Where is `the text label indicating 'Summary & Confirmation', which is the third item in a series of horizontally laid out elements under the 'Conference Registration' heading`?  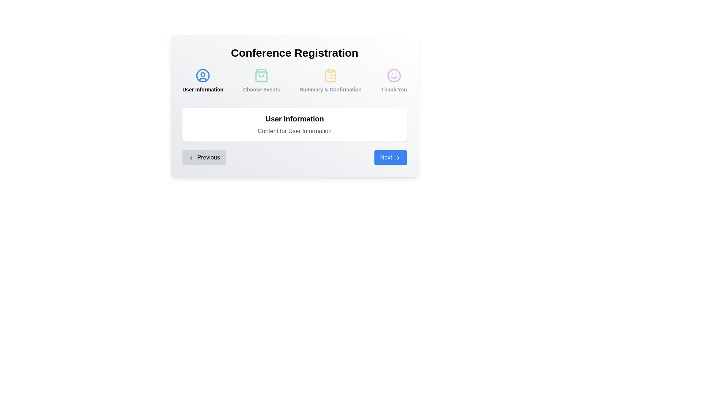
the text label indicating 'Summary & Confirmation', which is the third item in a series of horizontally laid out elements under the 'Conference Registration' heading is located at coordinates (330, 89).